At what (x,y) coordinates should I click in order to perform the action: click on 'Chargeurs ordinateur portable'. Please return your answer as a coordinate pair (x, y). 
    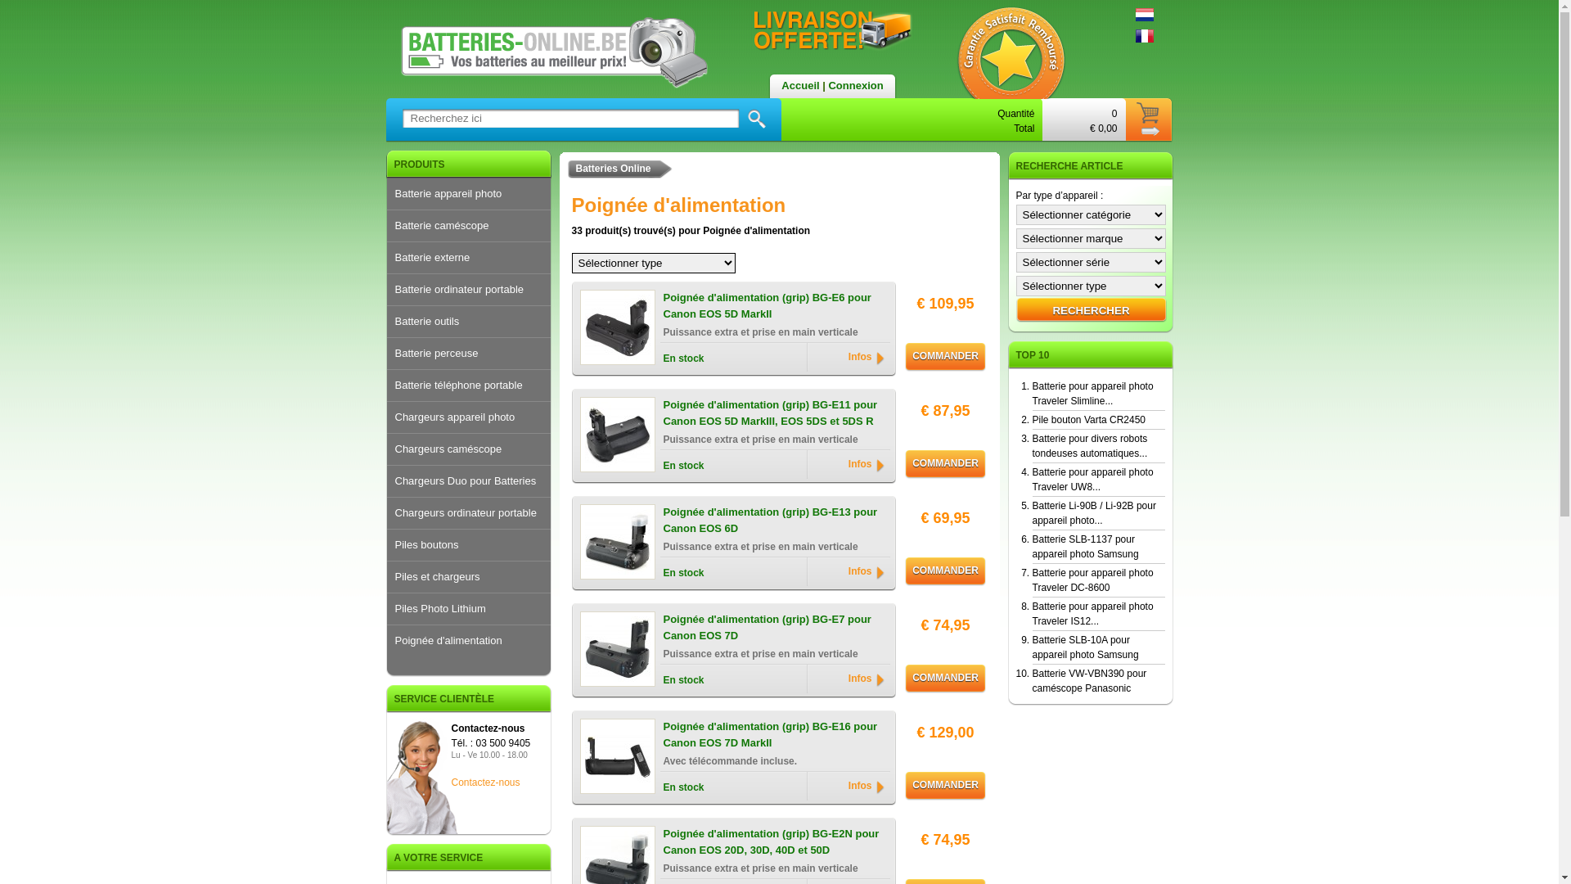
    Looking at the image, I should click on (385, 512).